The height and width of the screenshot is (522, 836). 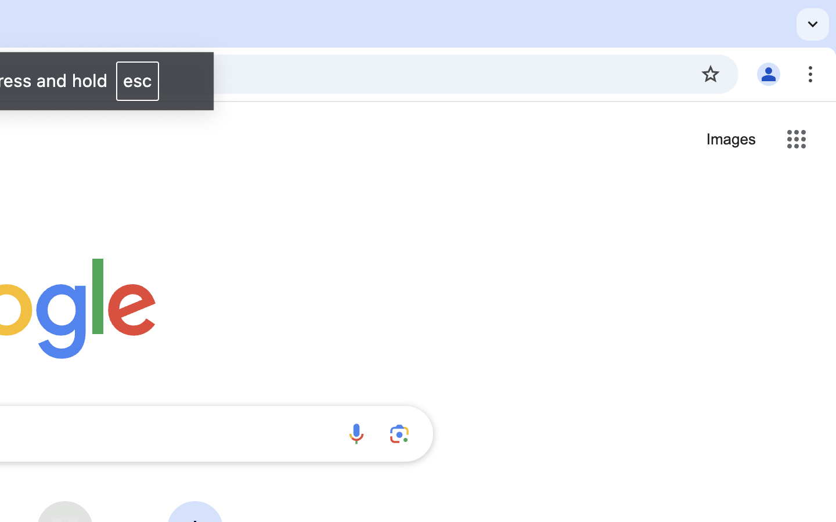 What do you see at coordinates (730, 139) in the screenshot?
I see `'Images'` at bounding box center [730, 139].